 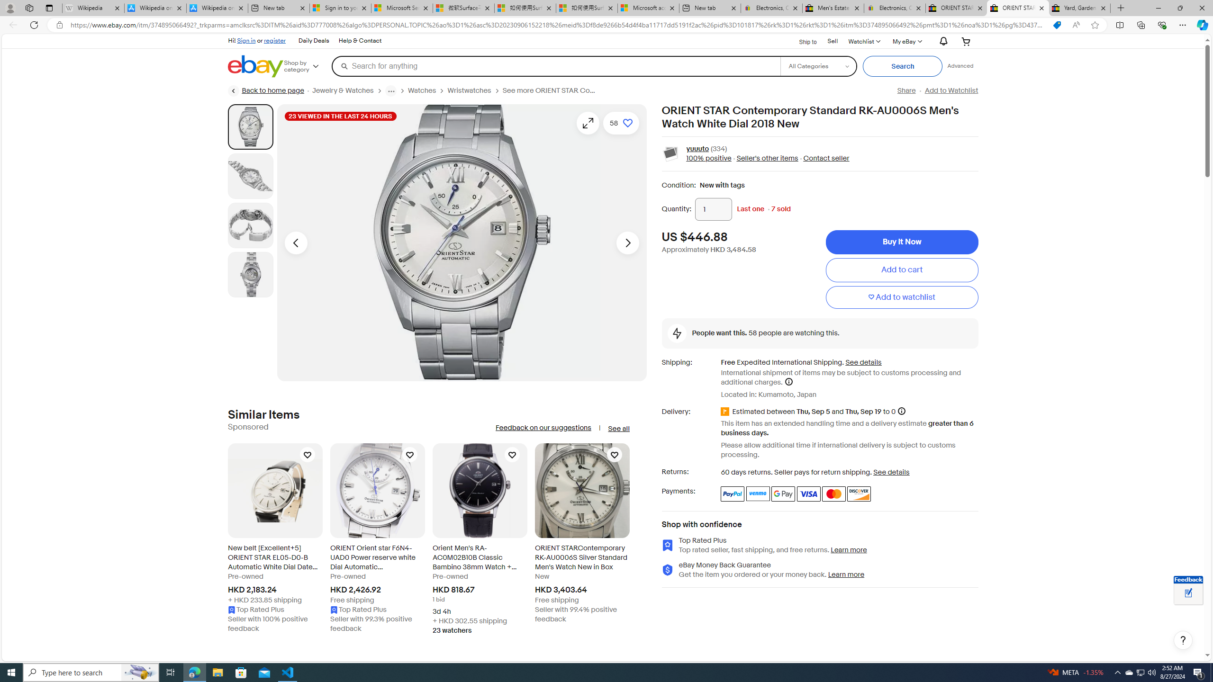 I want to click on 'WatchlistExpand Watch List', so click(x=863, y=41).